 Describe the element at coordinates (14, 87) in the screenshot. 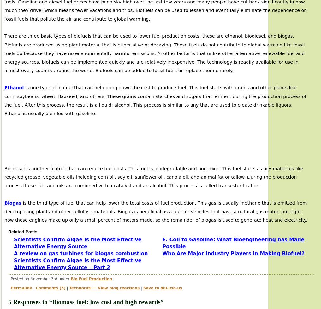

I see `'Ethanol'` at that location.